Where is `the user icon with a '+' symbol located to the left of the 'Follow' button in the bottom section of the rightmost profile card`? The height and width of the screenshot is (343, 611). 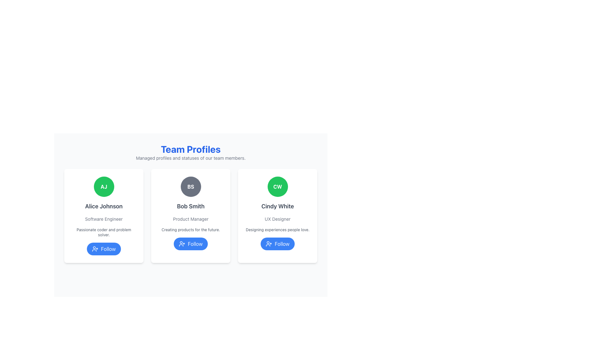 the user icon with a '+' symbol located to the left of the 'Follow' button in the bottom section of the rightmost profile card is located at coordinates (269, 243).